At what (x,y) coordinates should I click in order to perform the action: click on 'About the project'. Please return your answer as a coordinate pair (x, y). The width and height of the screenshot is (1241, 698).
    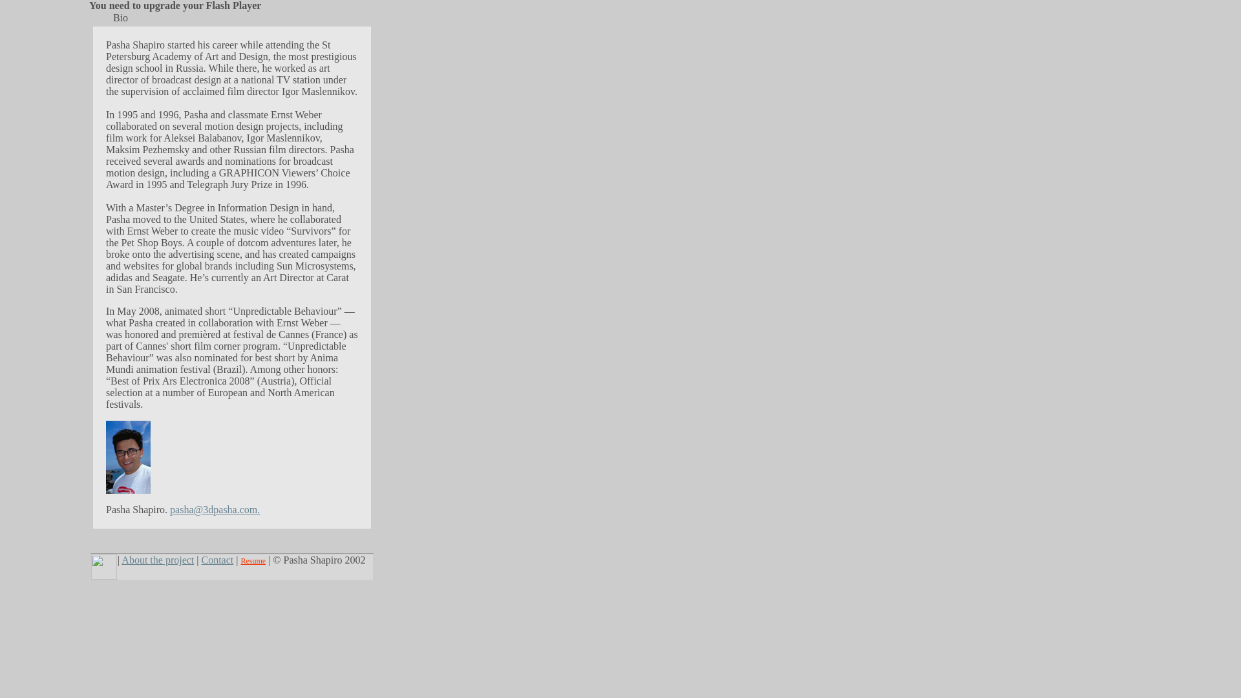
    Looking at the image, I should click on (121, 559).